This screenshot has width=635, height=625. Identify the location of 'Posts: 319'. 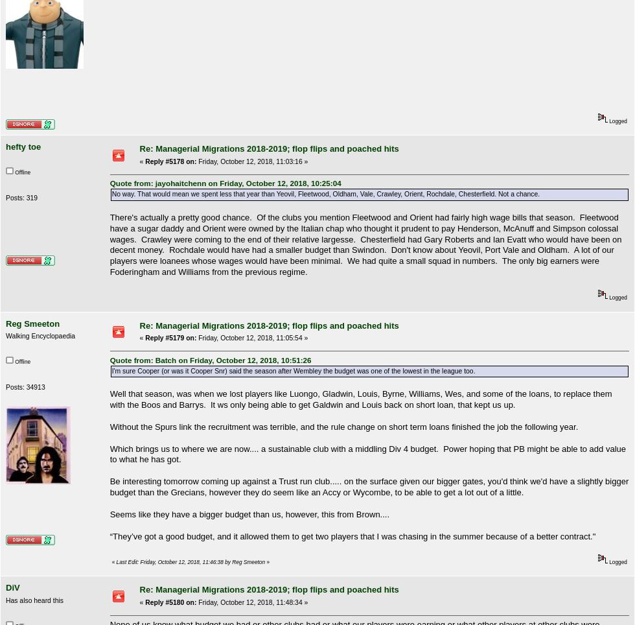
(21, 198).